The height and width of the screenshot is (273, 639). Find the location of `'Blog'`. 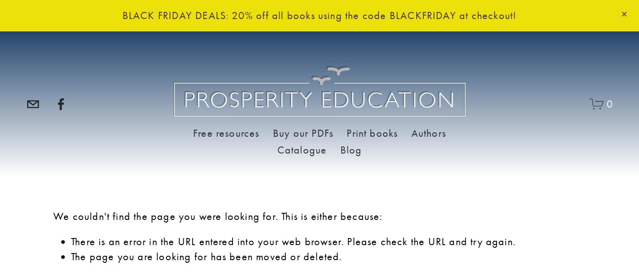

'Blog' is located at coordinates (351, 149).